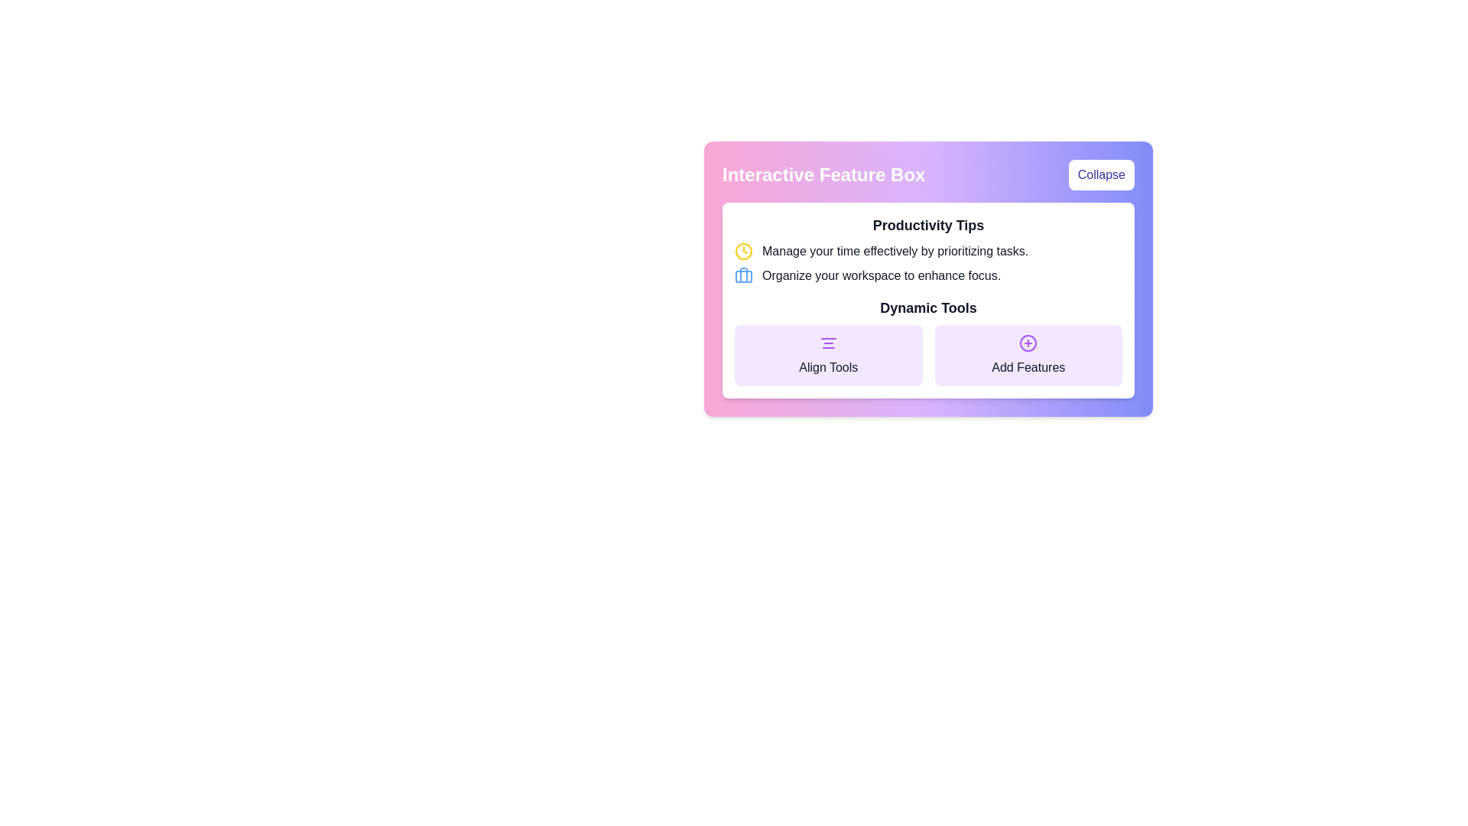  I want to click on productivity tip text in the Informational text element located in the lower part of the 'Productivity Tips' section, specifically the second tip below 'Manage your time effectively by prioritizing tasks.', so click(927, 276).